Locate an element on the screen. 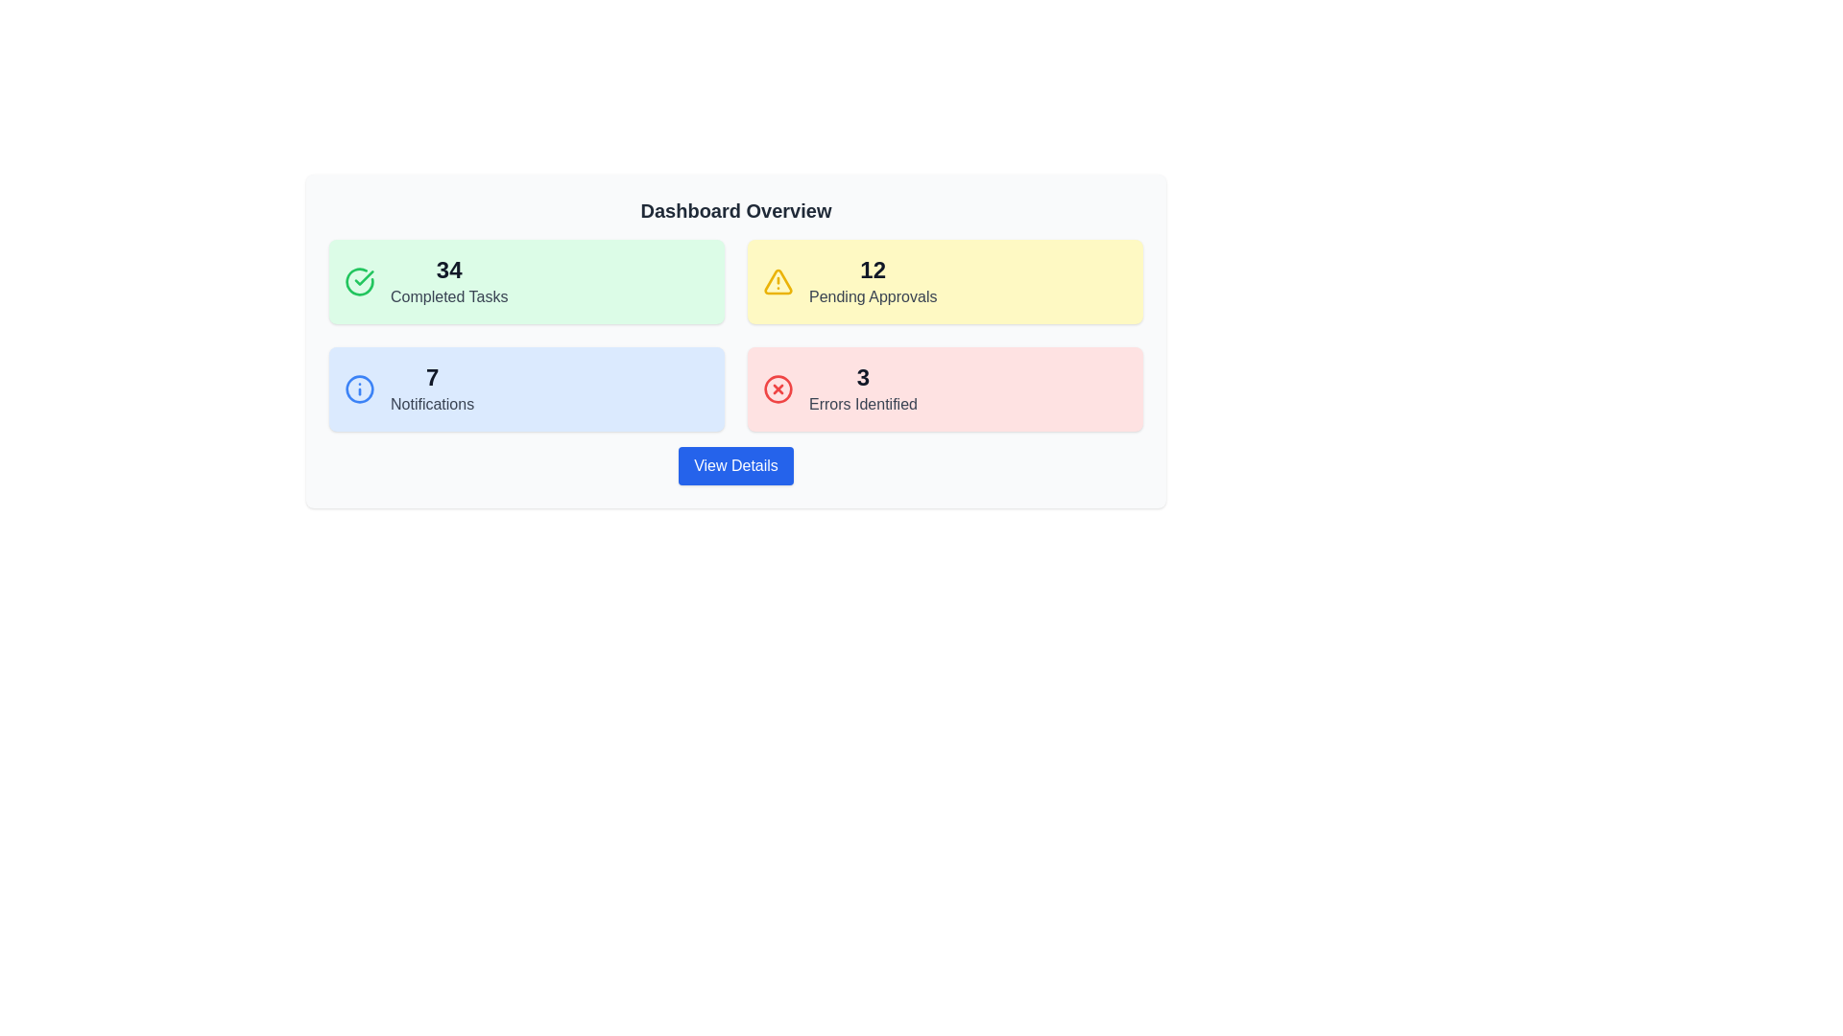 Image resolution: width=1843 pixels, height=1036 pixels. the text label displaying 'Errors Identified,' which is styled in gray and located below the number '3' in a red box on the bottom-right side of the dashboard summary section is located at coordinates (862, 403).